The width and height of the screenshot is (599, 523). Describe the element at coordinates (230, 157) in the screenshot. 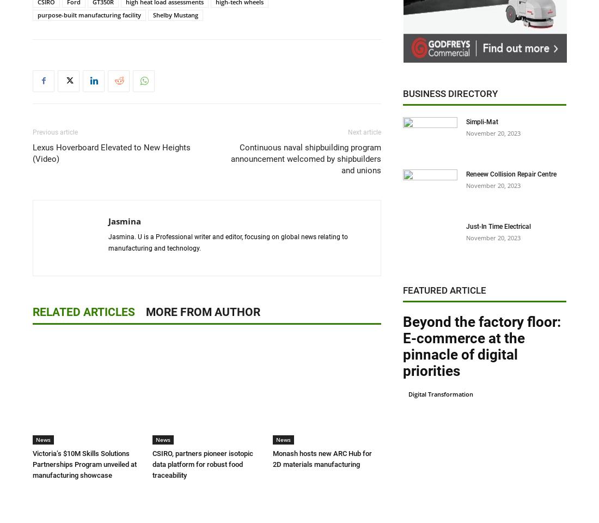

I see `'Continuous naval shipbuilding program announcement welcomed by shipbuilders and unions'` at that location.